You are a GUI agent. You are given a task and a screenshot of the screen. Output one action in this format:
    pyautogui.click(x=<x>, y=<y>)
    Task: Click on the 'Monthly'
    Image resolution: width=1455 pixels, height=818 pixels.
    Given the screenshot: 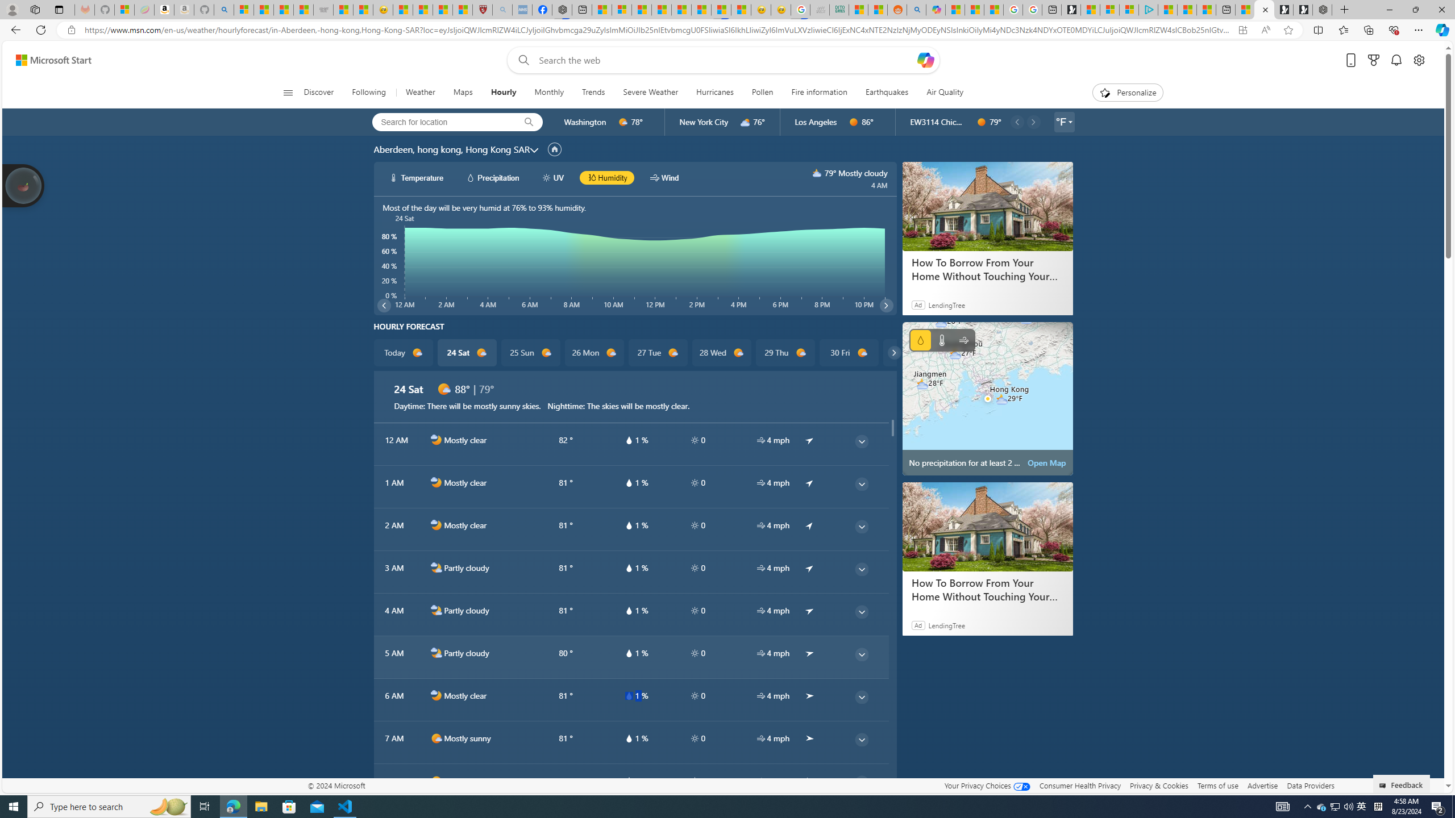 What is the action you would take?
    pyautogui.click(x=549, y=92)
    